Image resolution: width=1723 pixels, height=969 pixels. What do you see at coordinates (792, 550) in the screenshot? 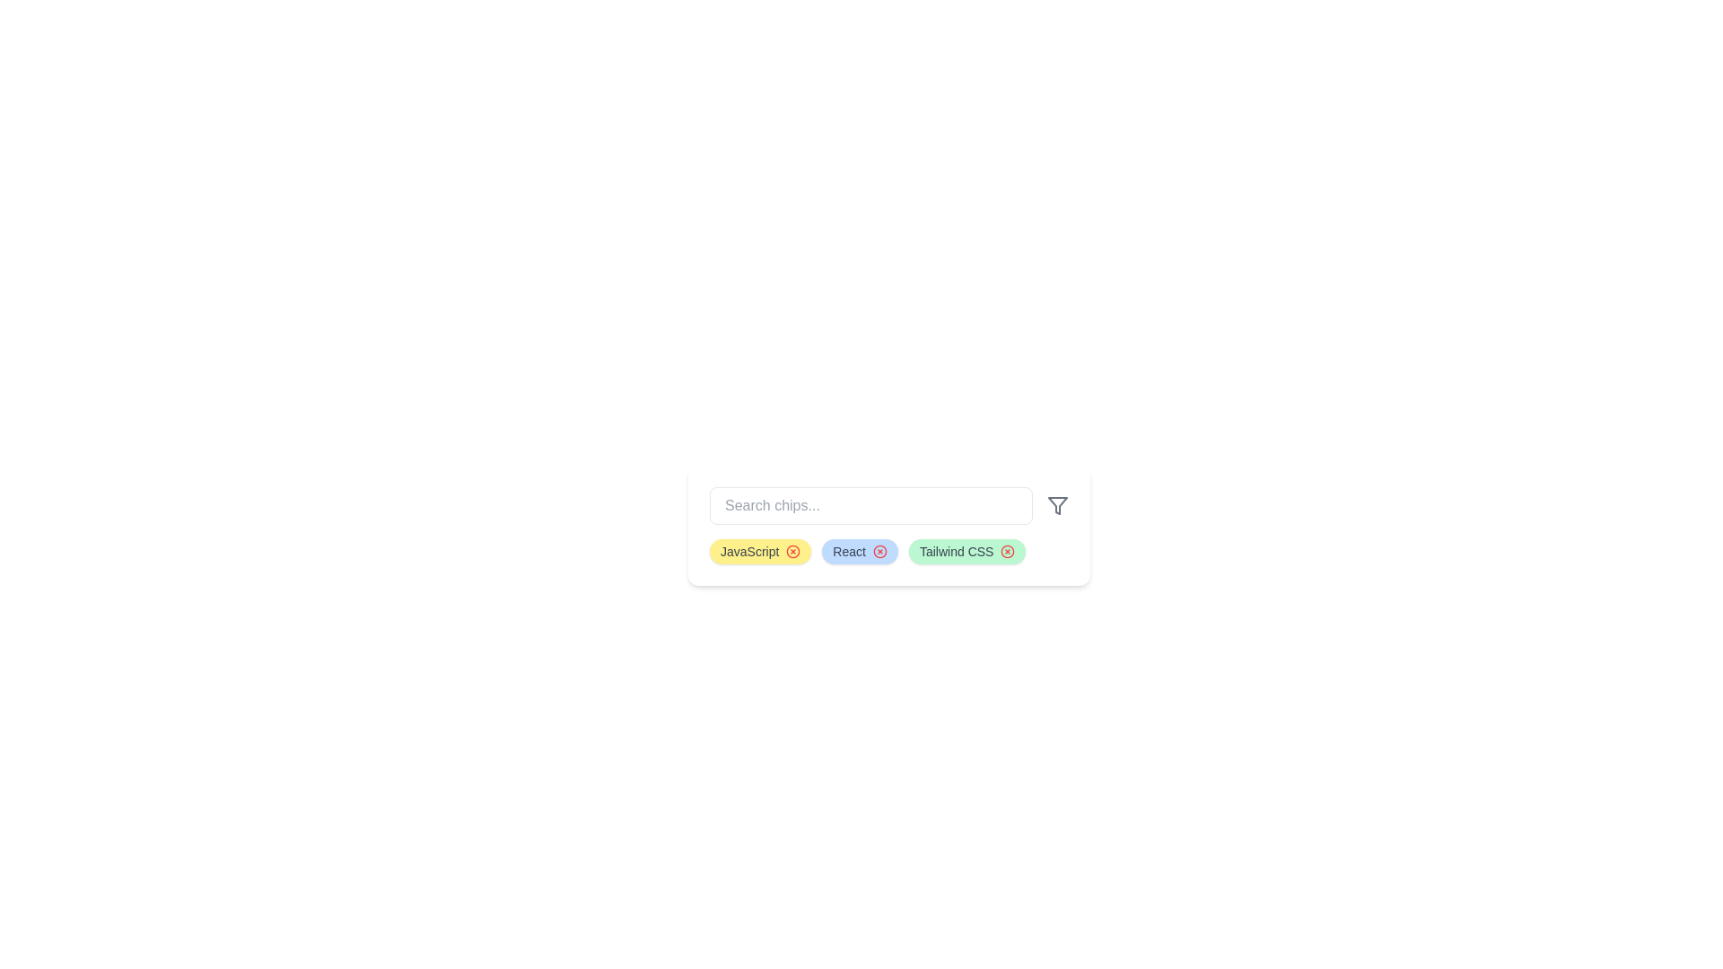
I see `the close button of the chip labeled JavaScript` at bounding box center [792, 550].